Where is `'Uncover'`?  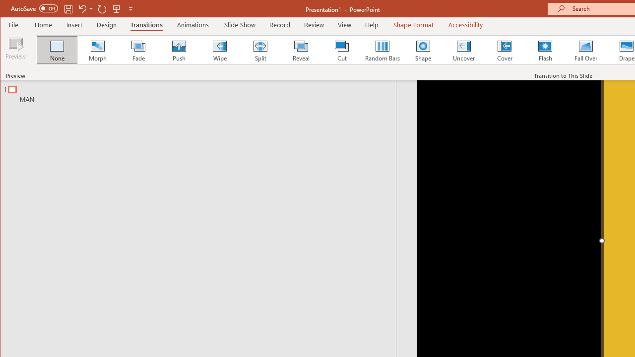
'Uncover' is located at coordinates (463, 50).